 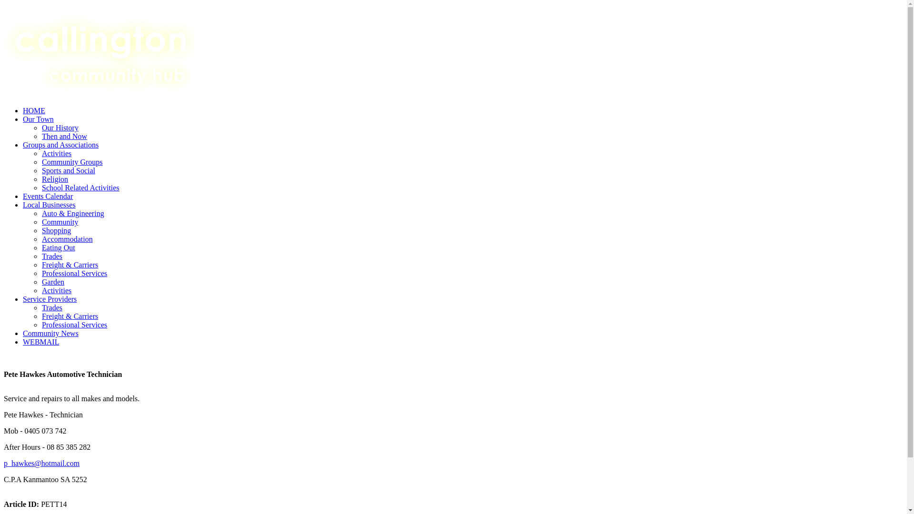 What do you see at coordinates (50, 333) in the screenshot?
I see `'Community News'` at bounding box center [50, 333].